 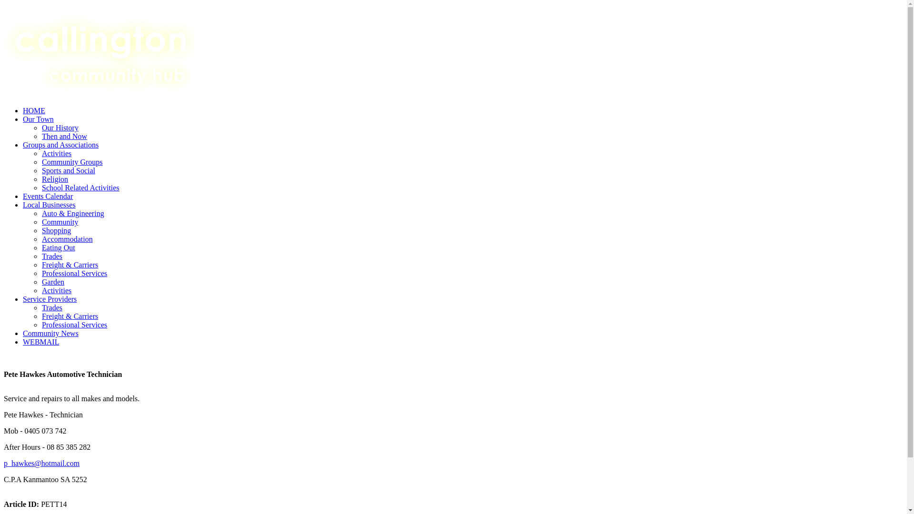 What do you see at coordinates (50, 333) in the screenshot?
I see `'Community News'` at bounding box center [50, 333].